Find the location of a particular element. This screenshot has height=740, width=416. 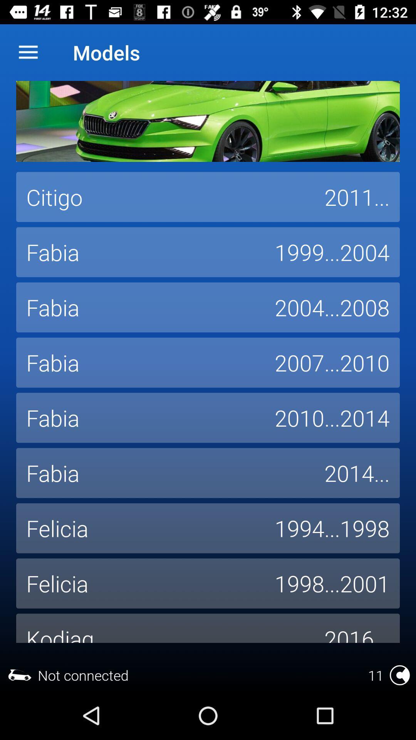

icon above the 1999...2004 is located at coordinates (357, 197).